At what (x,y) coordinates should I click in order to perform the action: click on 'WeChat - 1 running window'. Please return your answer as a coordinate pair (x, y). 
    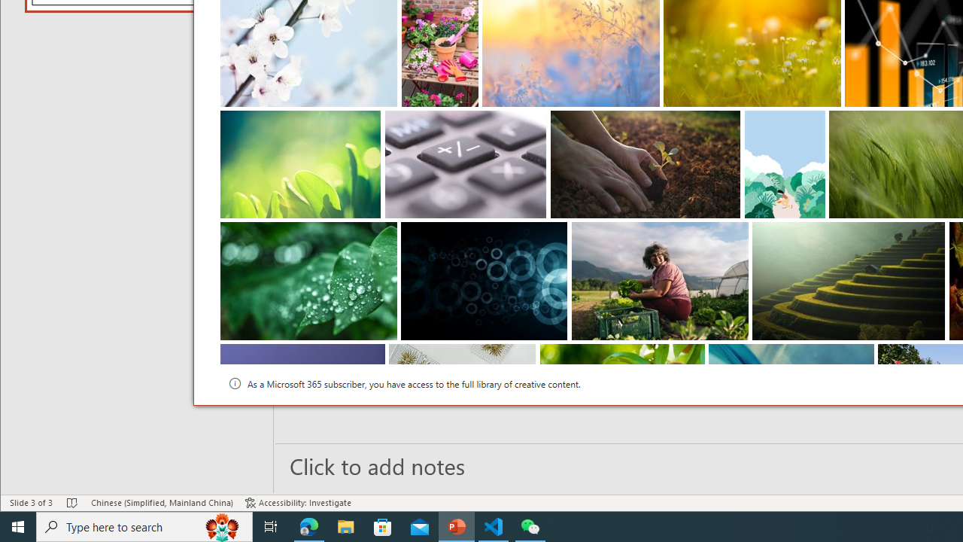
    Looking at the image, I should click on (530, 525).